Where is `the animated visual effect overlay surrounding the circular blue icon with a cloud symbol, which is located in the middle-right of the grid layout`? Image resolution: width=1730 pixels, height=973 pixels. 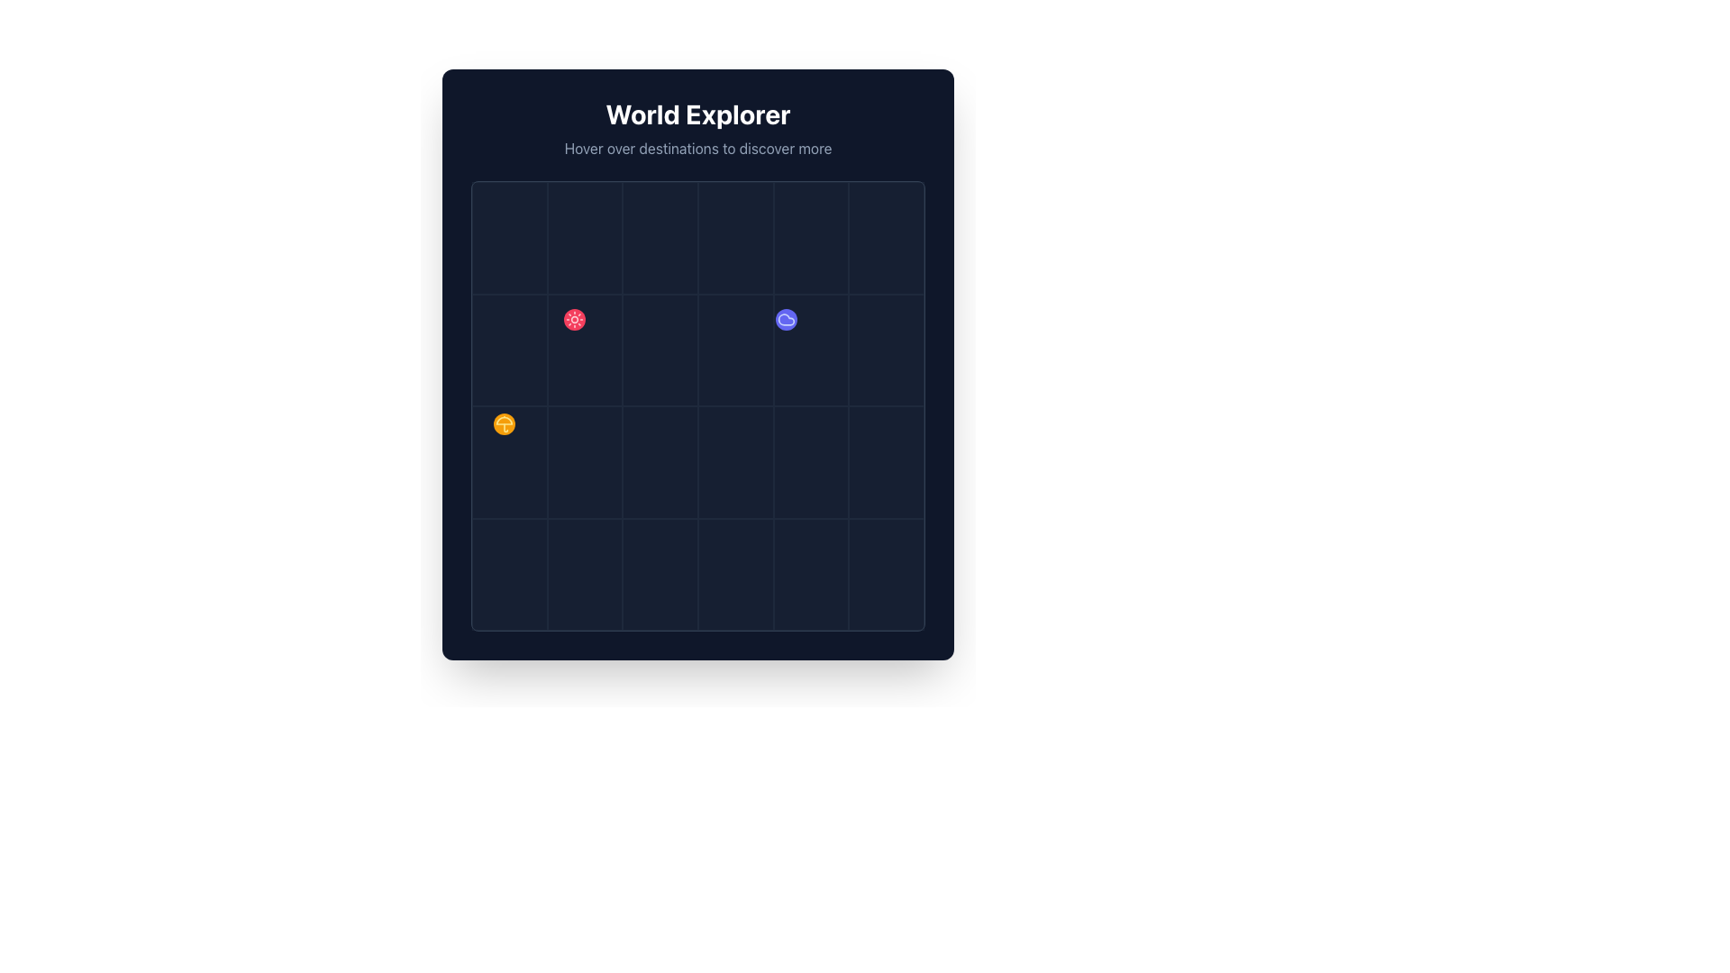 the animated visual effect overlay surrounding the circular blue icon with a cloud symbol, which is located in the middle-right of the grid layout is located at coordinates (787, 318).